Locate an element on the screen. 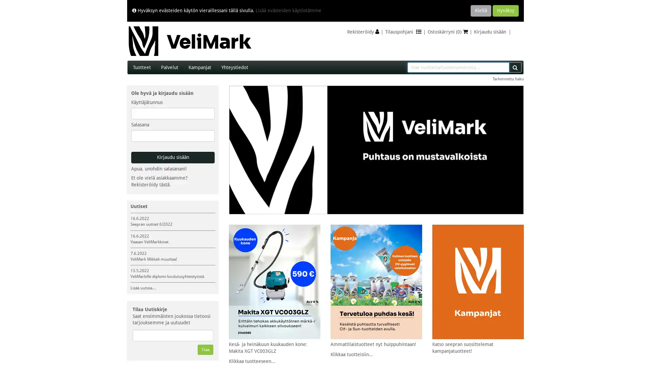 The height and width of the screenshot is (366, 651). Kiella is located at coordinates (480, 11).